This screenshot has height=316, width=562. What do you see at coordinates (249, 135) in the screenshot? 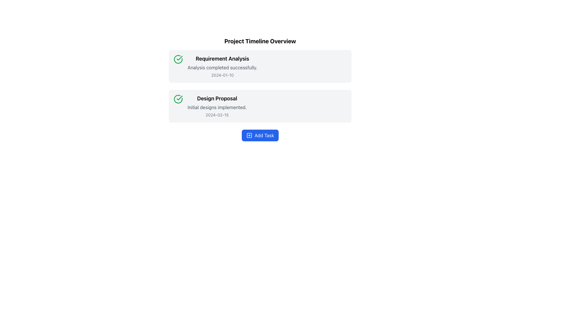
I see `the square framework icon of the 'Add Task' button, which contains the plus sign` at bounding box center [249, 135].